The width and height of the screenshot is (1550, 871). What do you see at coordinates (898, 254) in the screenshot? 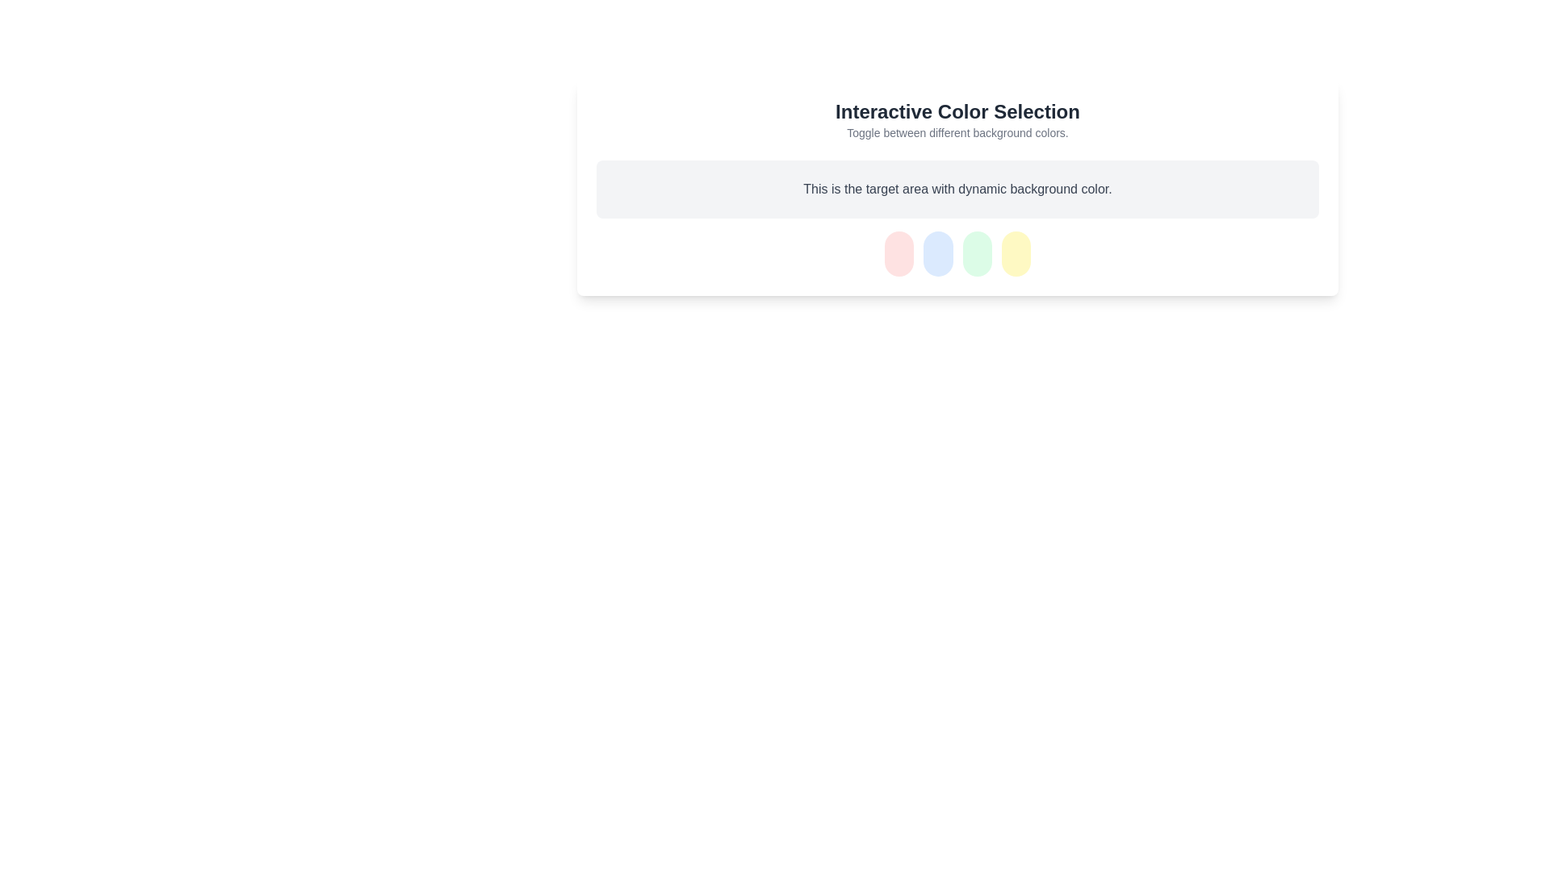
I see `the first button at the bottom section of the interface` at bounding box center [898, 254].